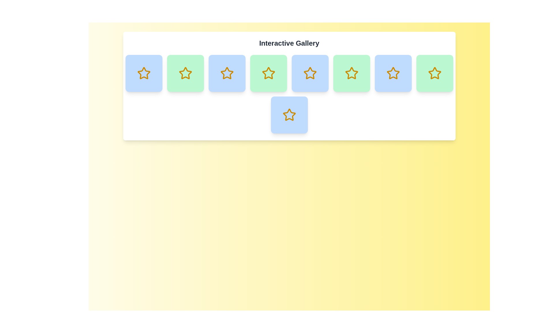 This screenshot has height=312, width=554. Describe the element at coordinates (227, 73) in the screenshot. I see `the star-shaped icon with a golden-yellow outline located in a light-blue square background, which is the first icon in the second row of the interactive gallery` at that location.